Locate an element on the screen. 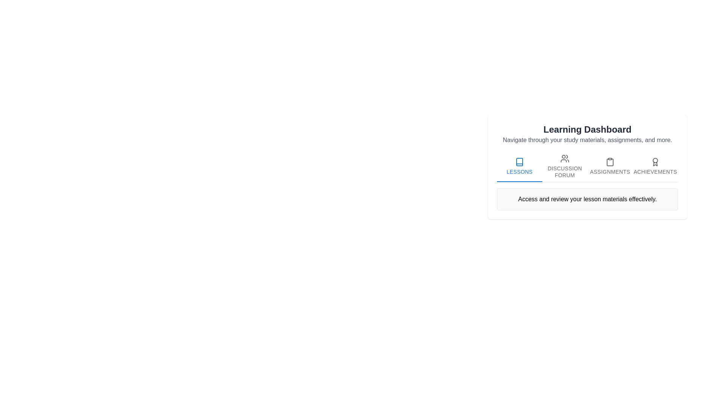  the 'Discussion Forum' tab icon located in the dashboard's navigation area, situated above the text labeled 'Discussion Forum' is located at coordinates (564, 158).